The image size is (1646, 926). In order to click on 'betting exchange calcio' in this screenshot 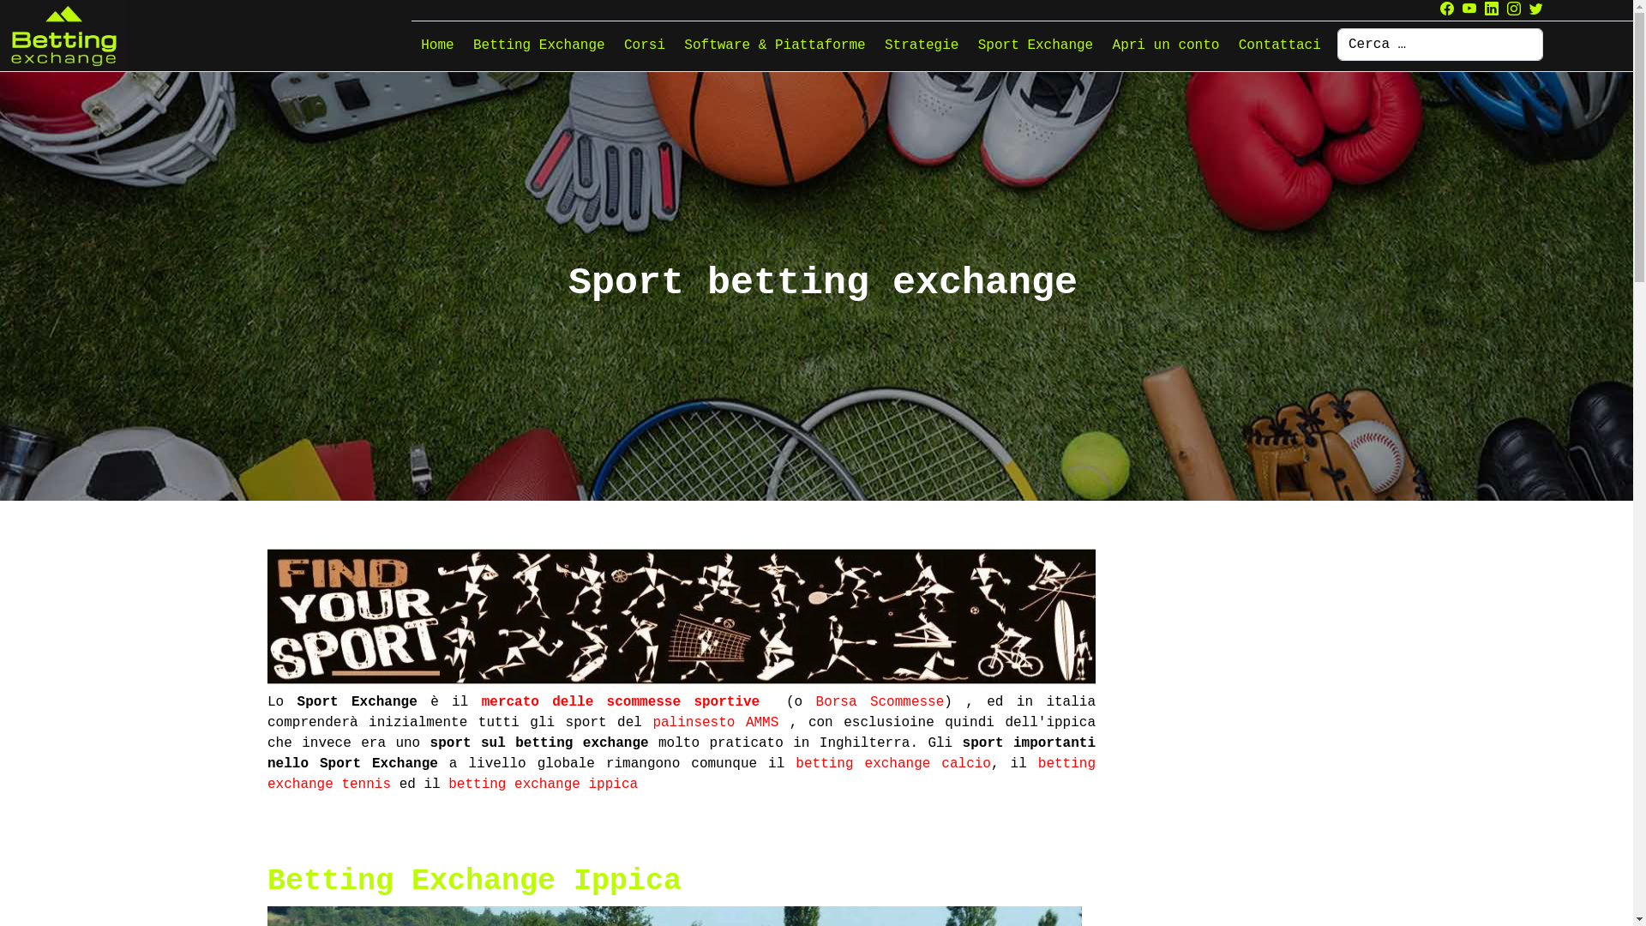, I will do `click(892, 763)`.